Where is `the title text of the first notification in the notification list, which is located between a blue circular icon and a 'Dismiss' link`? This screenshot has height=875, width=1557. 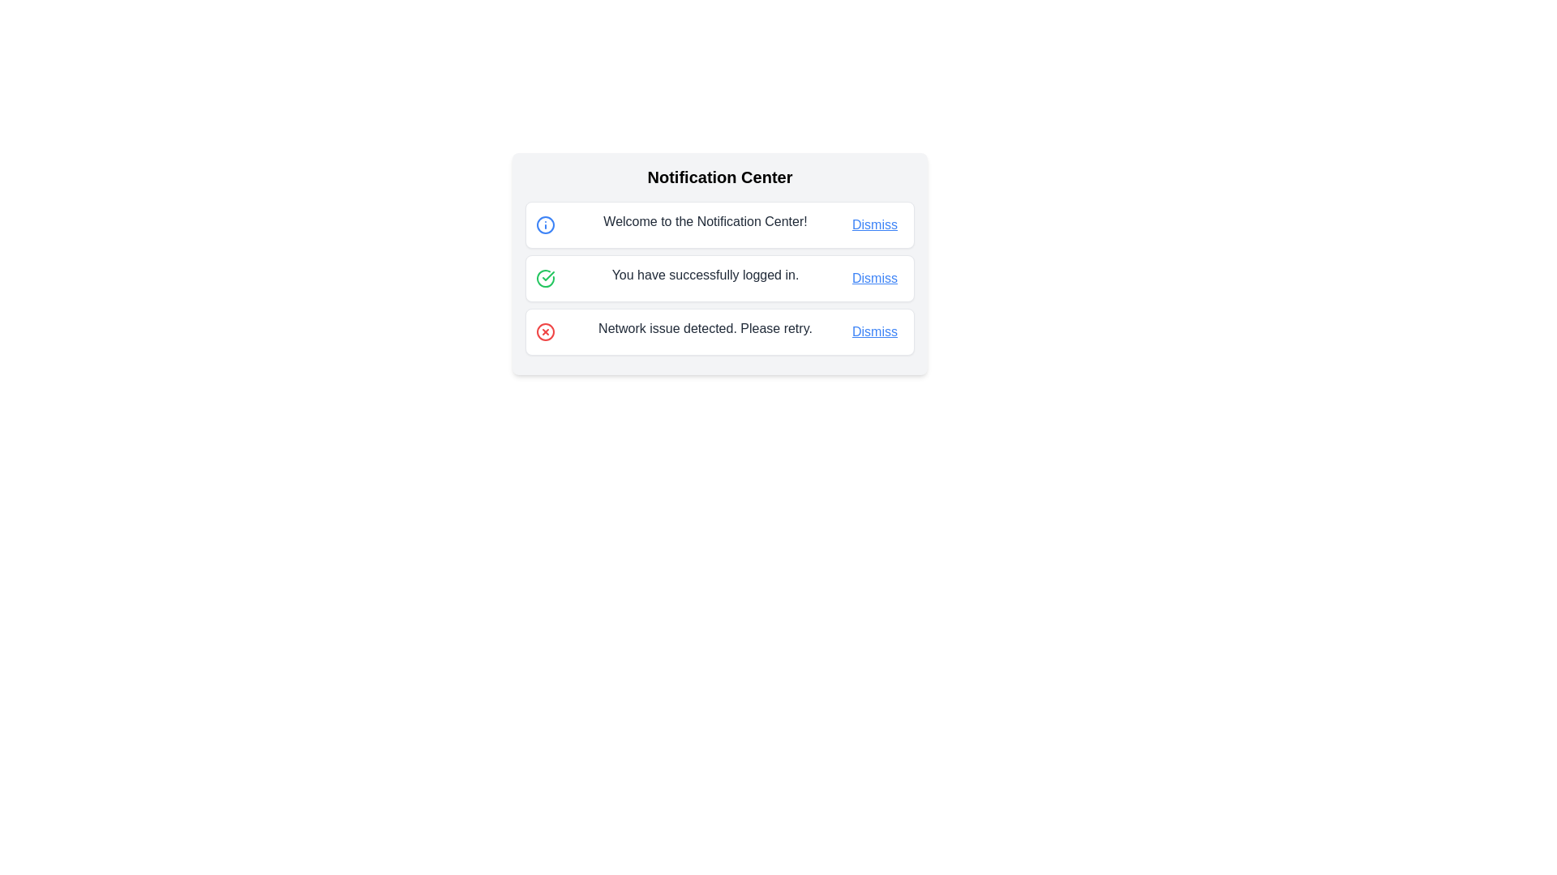 the title text of the first notification in the notification list, which is located between a blue circular icon and a 'Dismiss' link is located at coordinates (705, 221).